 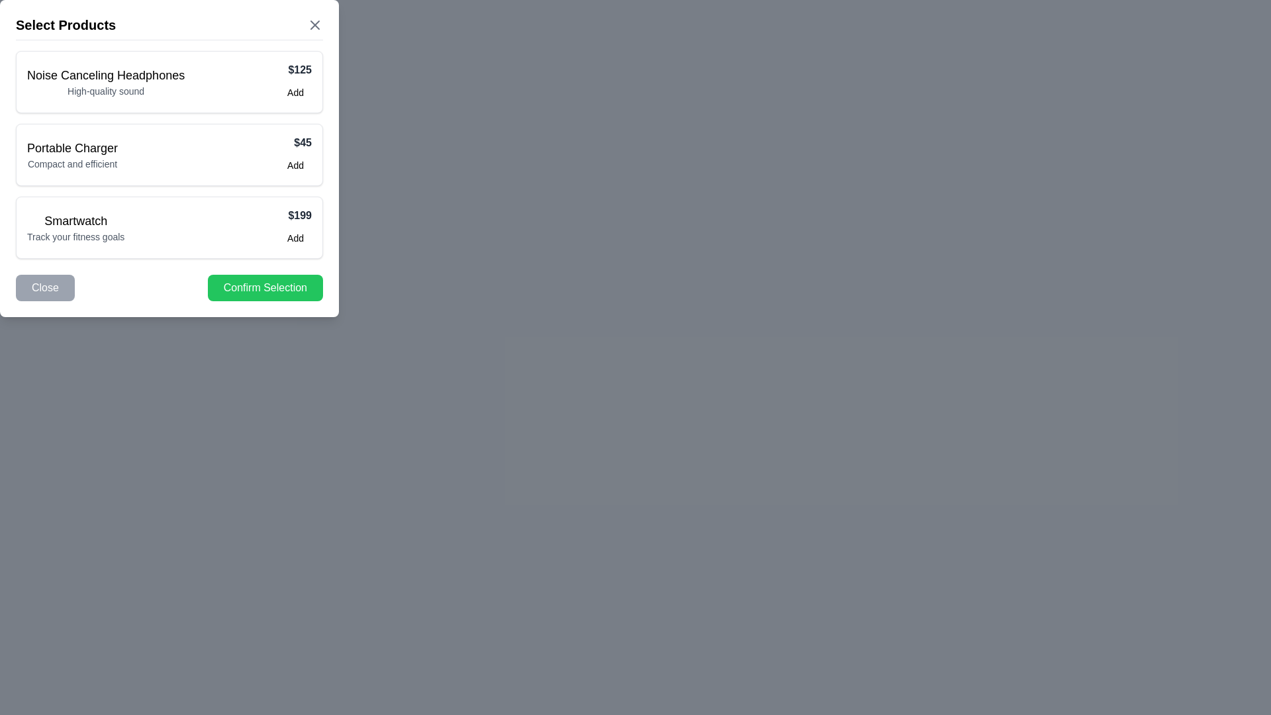 What do you see at coordinates (168, 226) in the screenshot?
I see `the 'Add' button located on the Smartwatch card, which features a bold title and a blue background, positioned at the lower part of the 'Select Products' section` at bounding box center [168, 226].